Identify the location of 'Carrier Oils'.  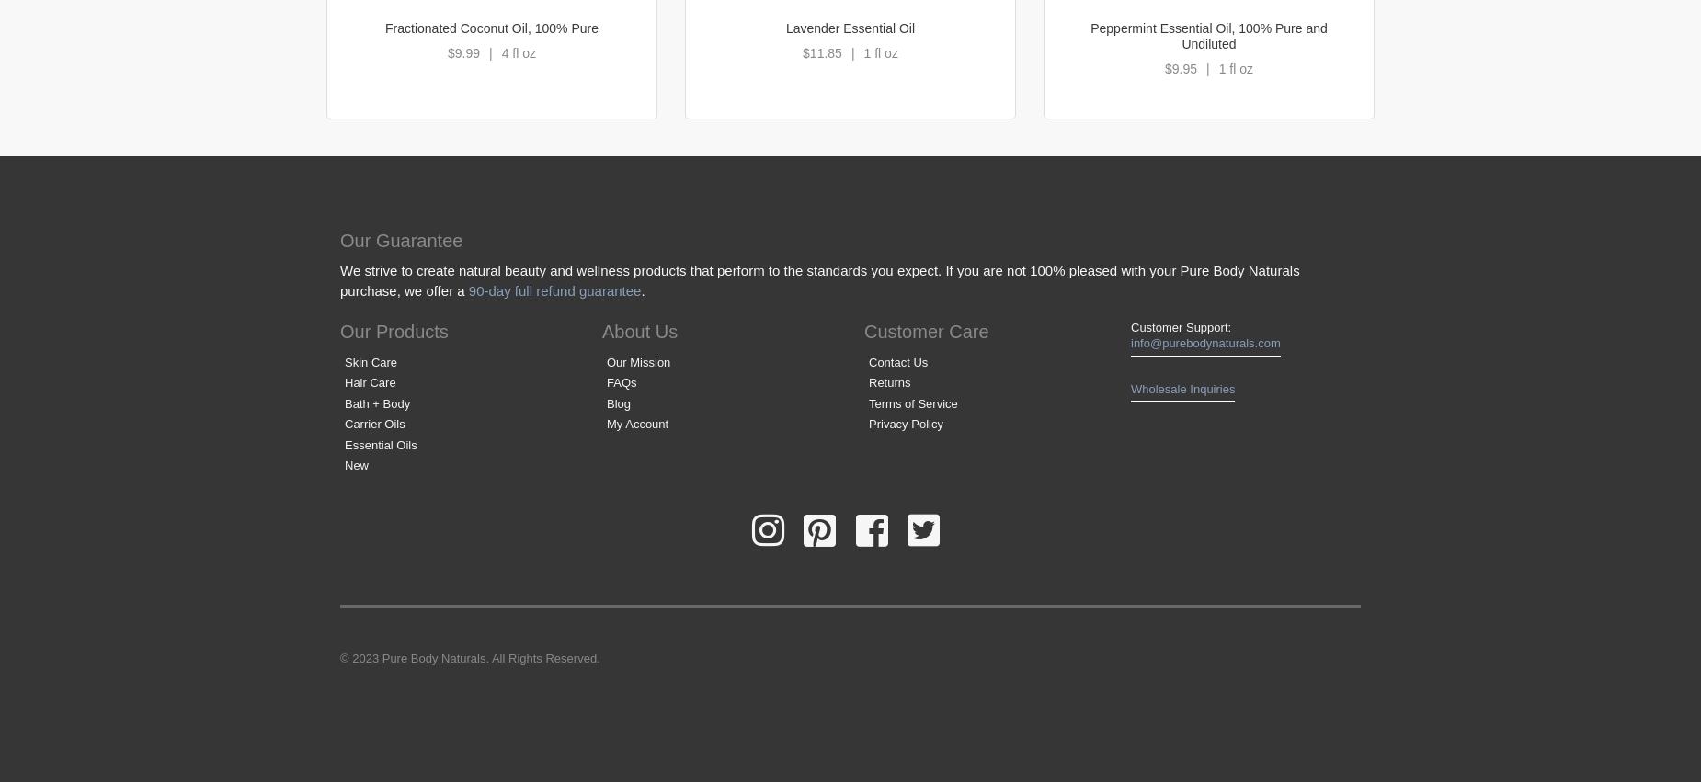
(373, 424).